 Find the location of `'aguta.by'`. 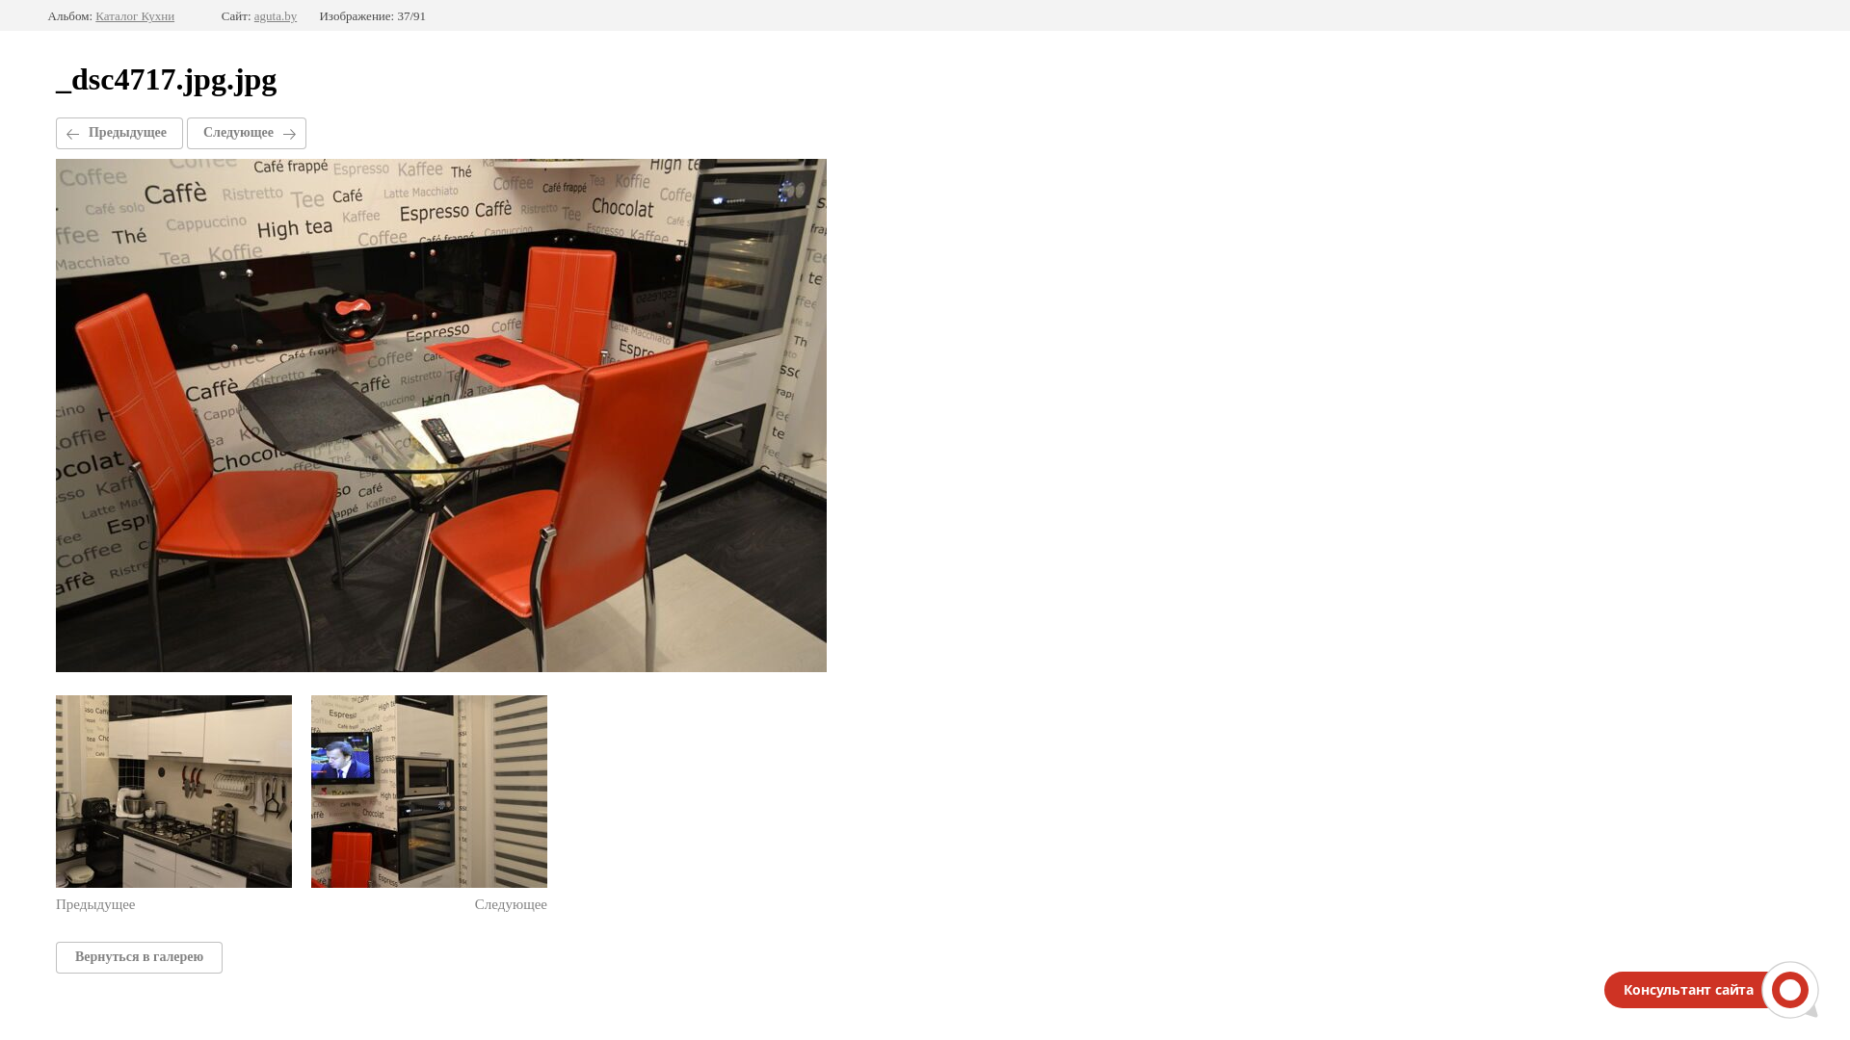

'aguta.by' is located at coordinates (275, 15).